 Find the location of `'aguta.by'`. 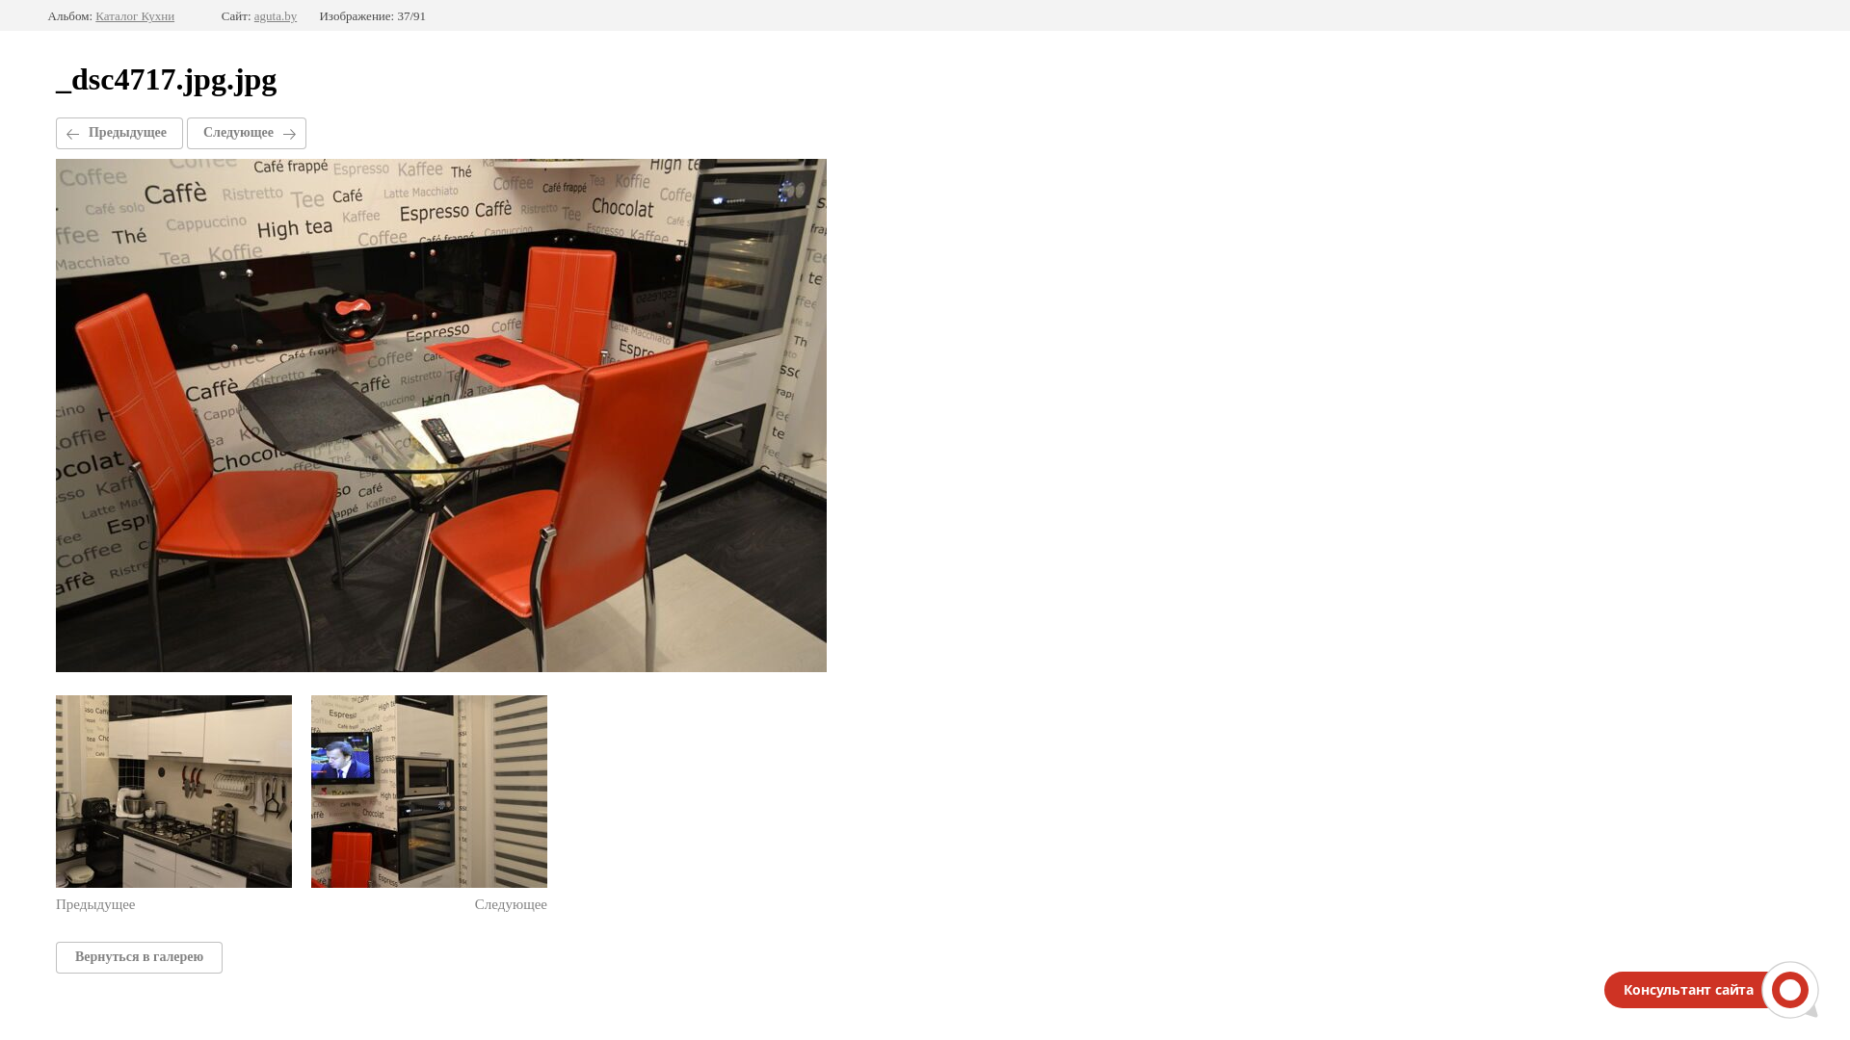

'aguta.by' is located at coordinates (275, 15).